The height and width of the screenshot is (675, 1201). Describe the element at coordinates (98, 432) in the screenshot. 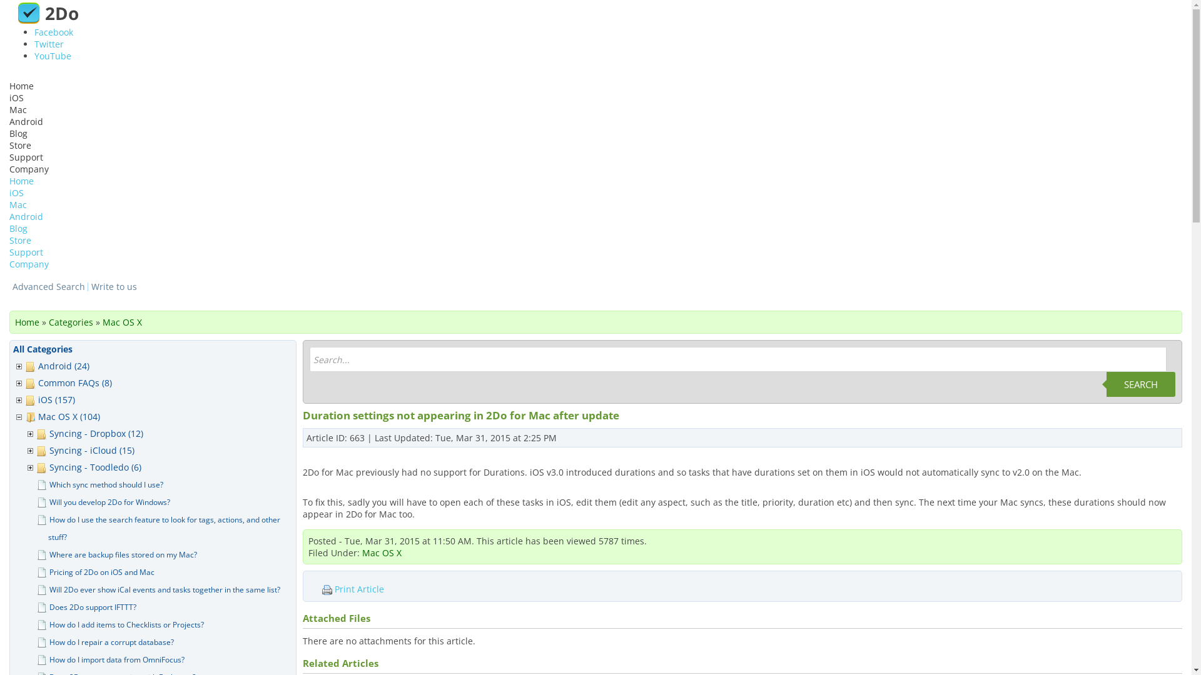

I see `'Syncing - Dropbox (12)'` at that location.